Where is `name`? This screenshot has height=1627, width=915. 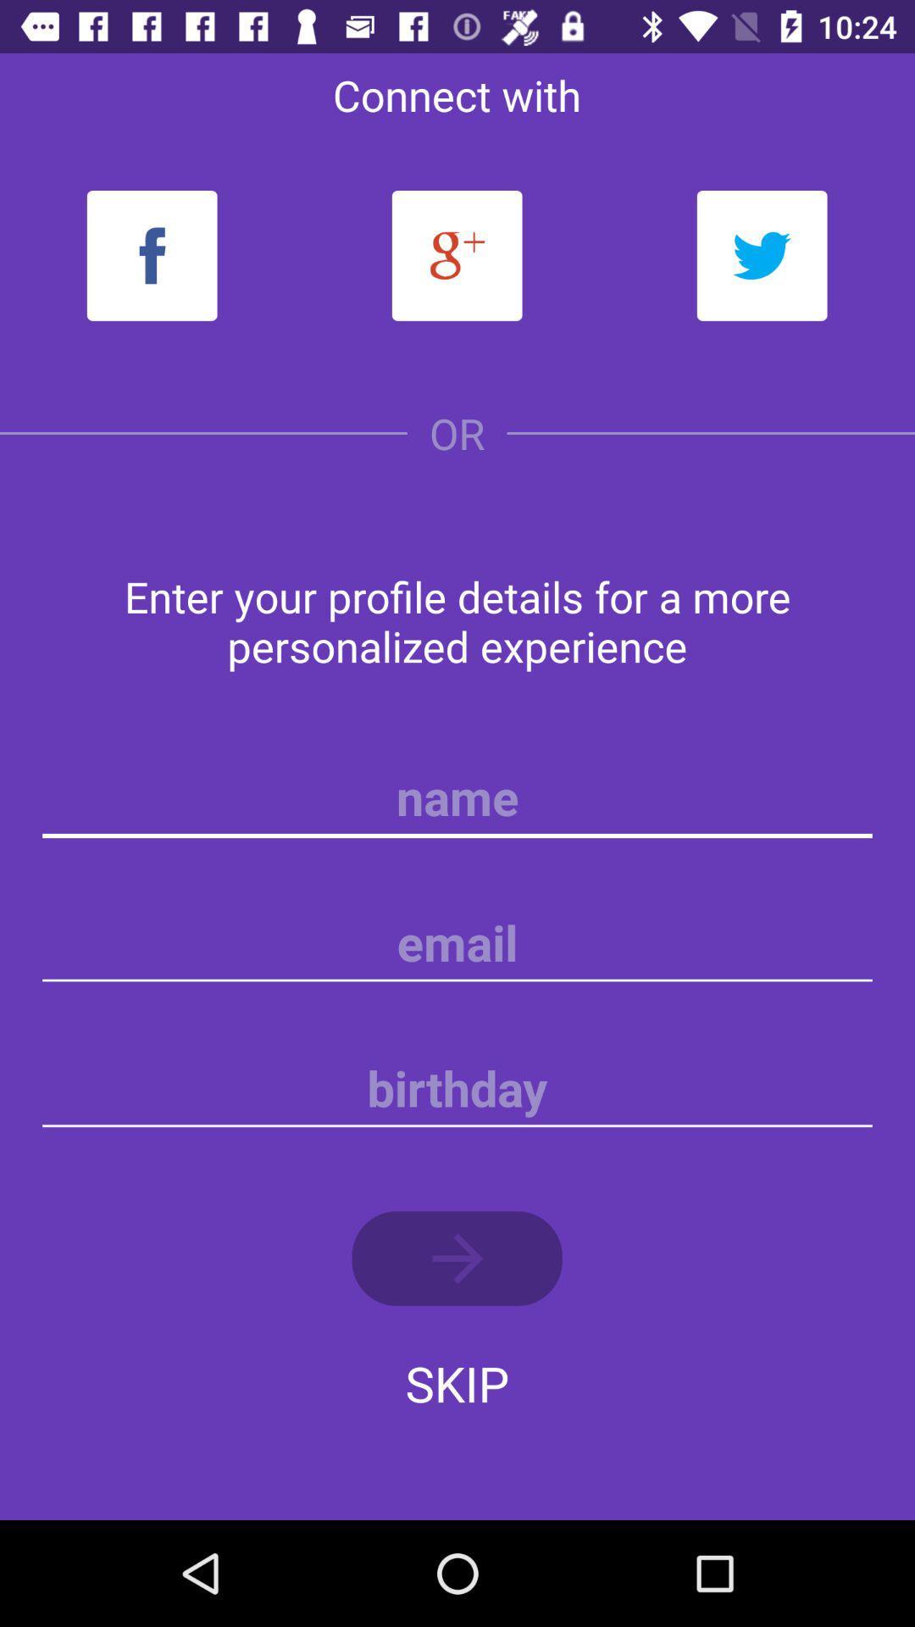
name is located at coordinates (457, 797).